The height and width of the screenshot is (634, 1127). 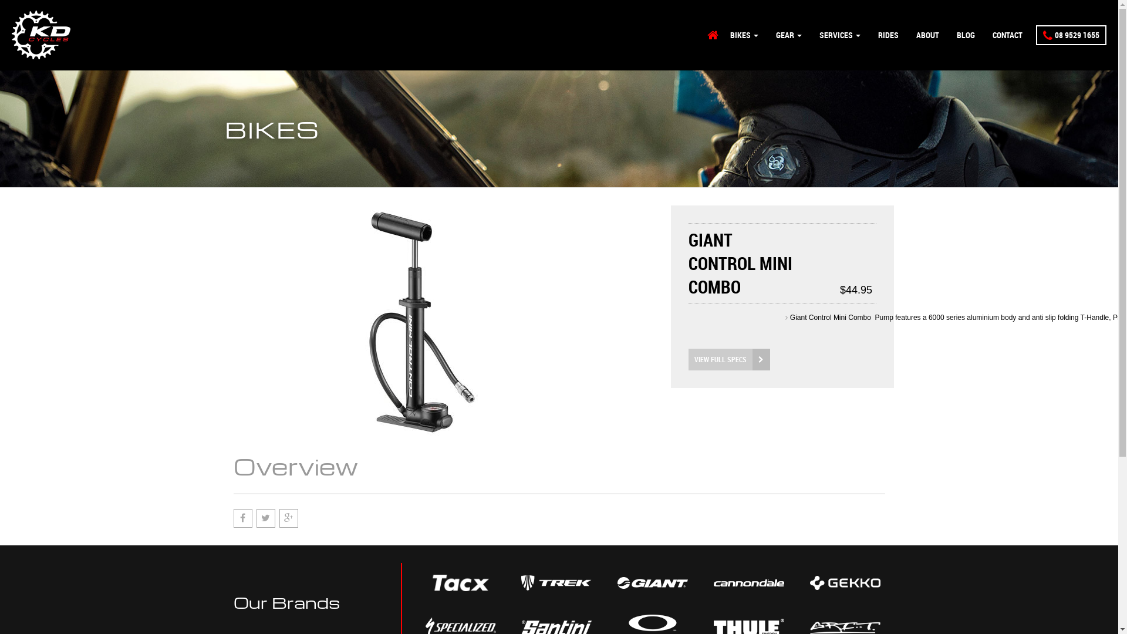 I want to click on 'VIEW FULL SPECS', so click(x=687, y=359).